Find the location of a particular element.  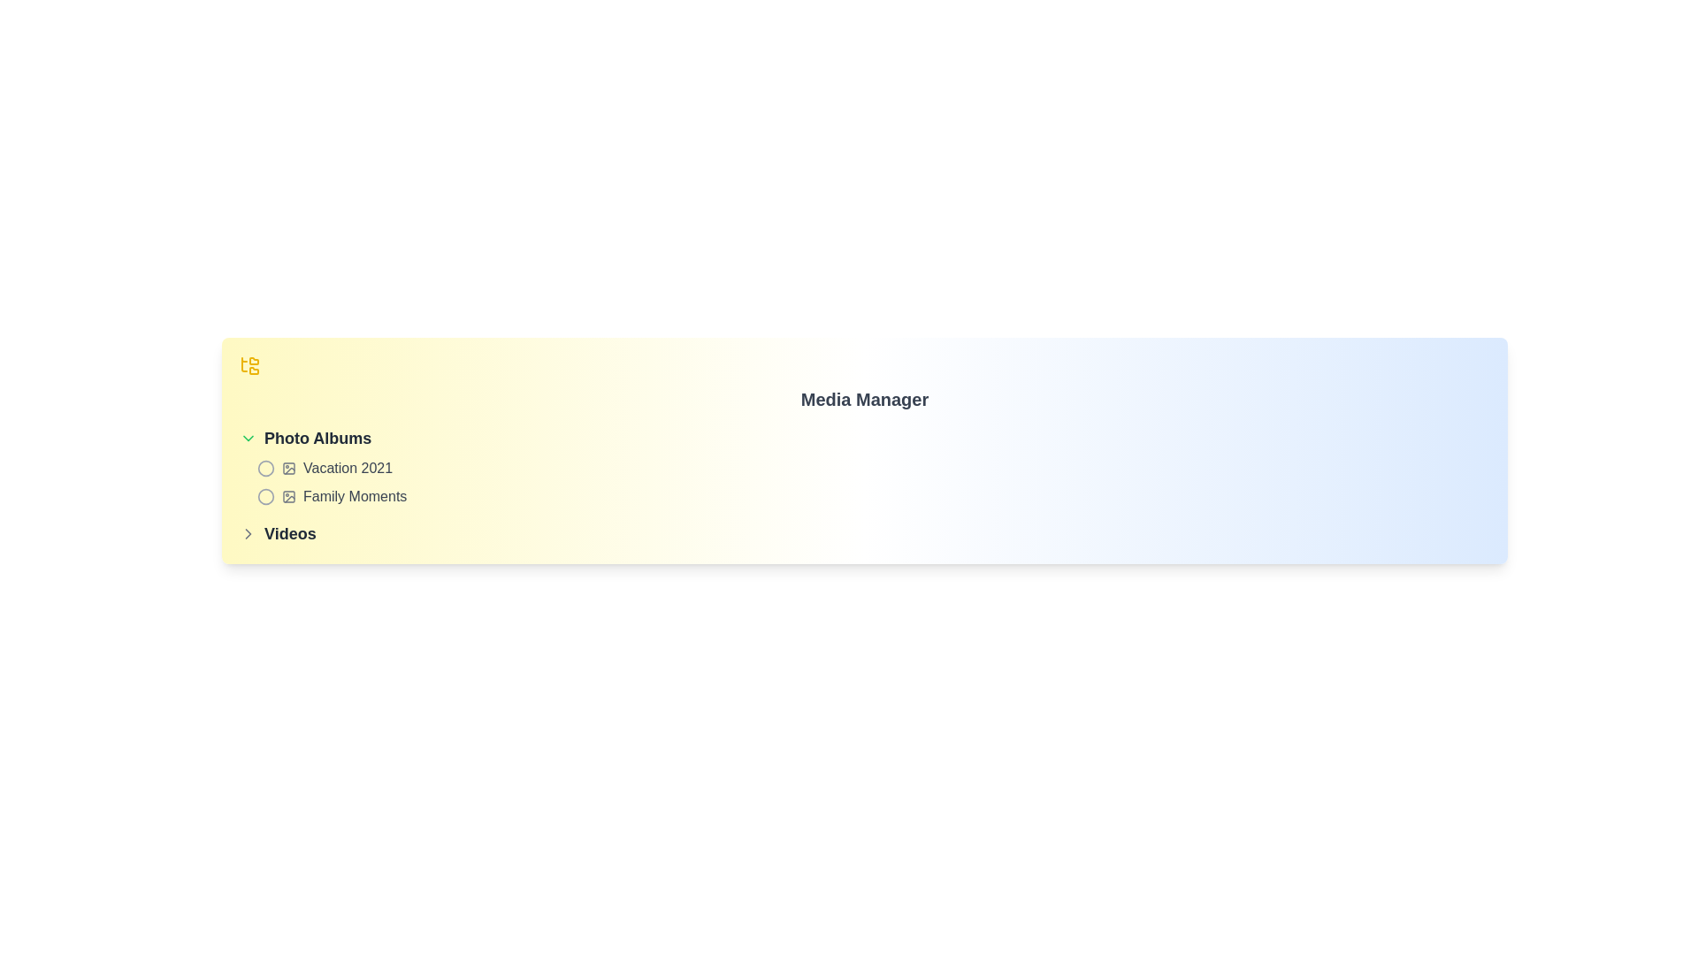

the bold text label 'Videos' which is styled with a larger font size and dark gray color, located below the 'Photo Albums' folder label is located at coordinates (290, 533).